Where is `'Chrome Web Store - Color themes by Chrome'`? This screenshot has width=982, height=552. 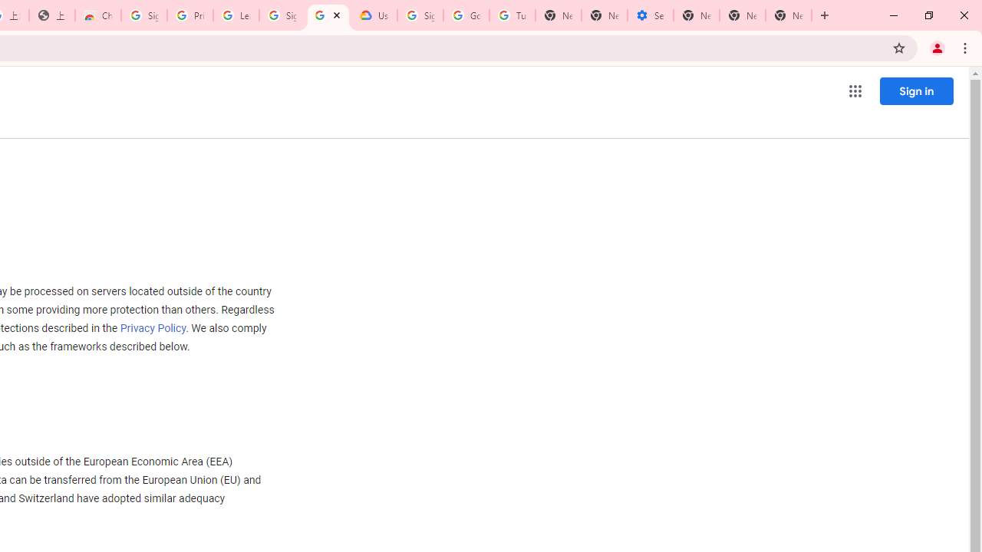
'Chrome Web Store - Color themes by Chrome' is located at coordinates (97, 15).